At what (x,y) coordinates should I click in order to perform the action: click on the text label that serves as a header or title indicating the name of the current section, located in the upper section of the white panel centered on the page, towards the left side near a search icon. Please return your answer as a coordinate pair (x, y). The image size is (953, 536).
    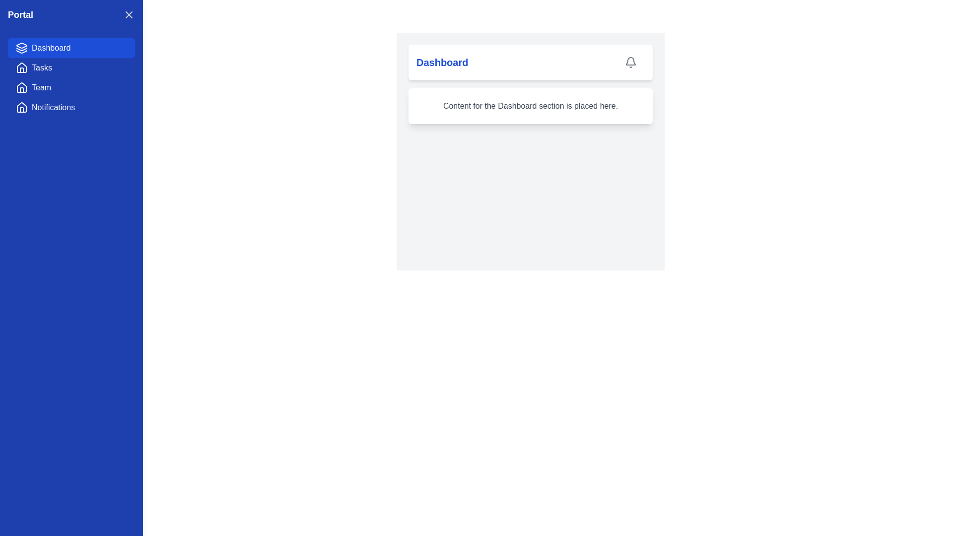
    Looking at the image, I should click on (442, 63).